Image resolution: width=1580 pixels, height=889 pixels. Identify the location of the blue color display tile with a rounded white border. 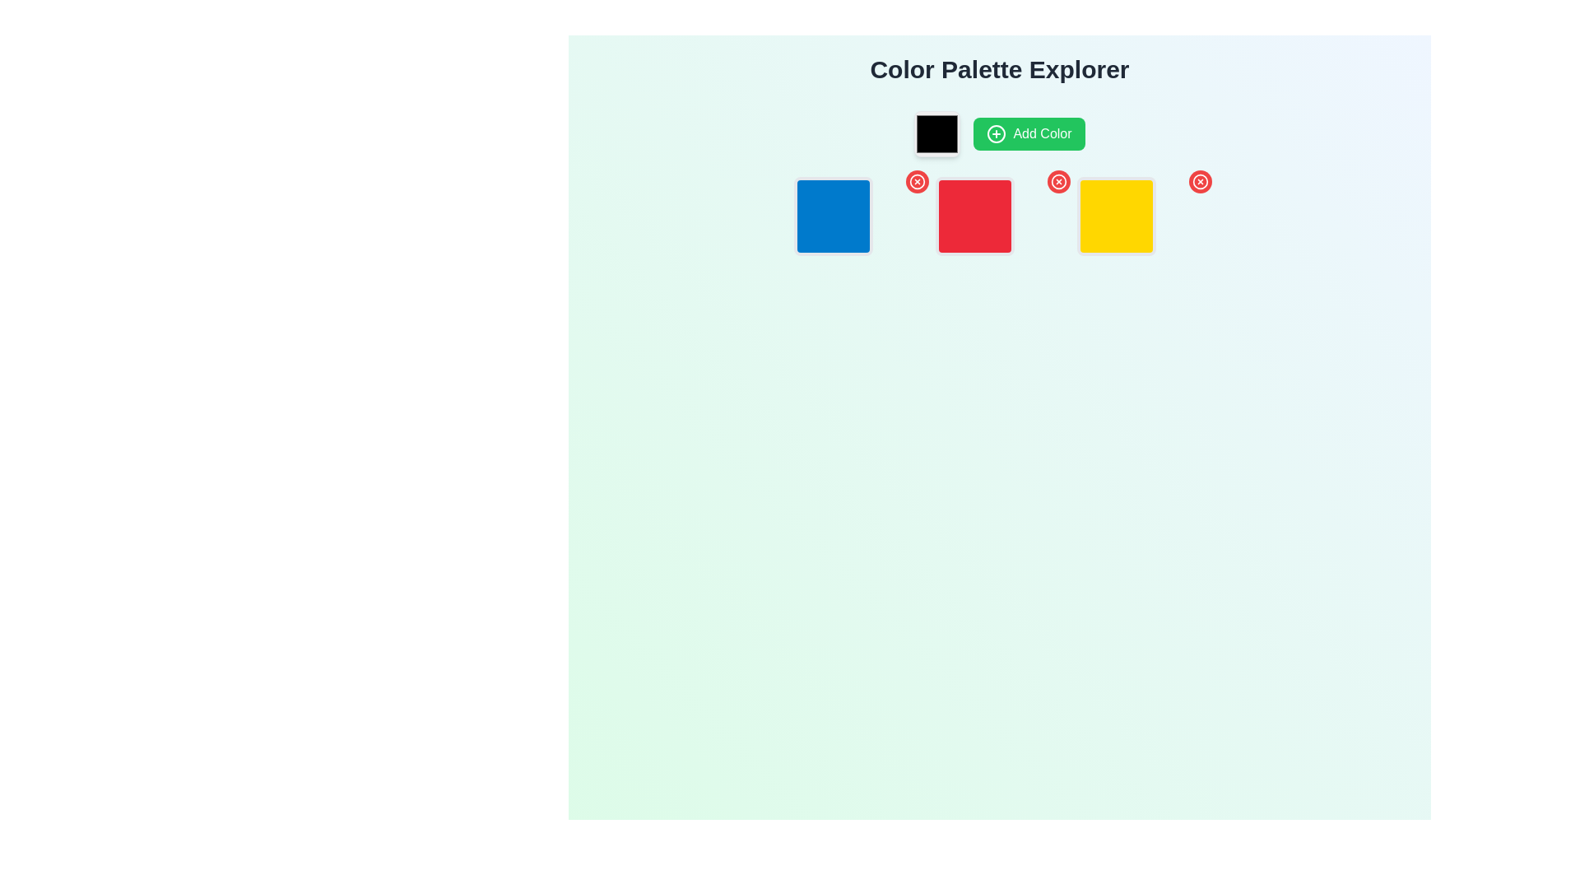
(857, 215).